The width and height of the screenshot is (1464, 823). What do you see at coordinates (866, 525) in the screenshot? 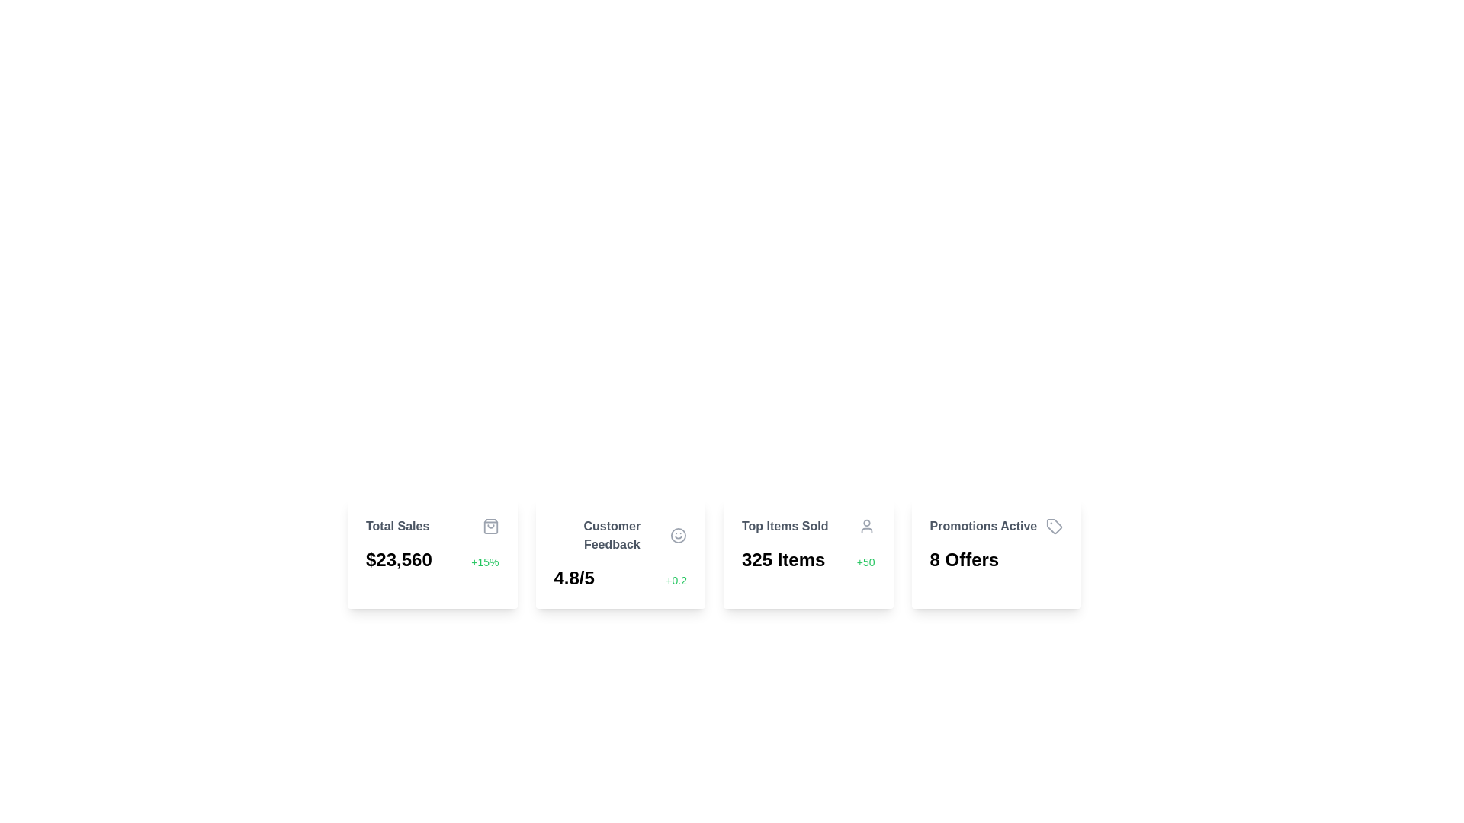
I see `the non-interactive icon located in the top-right corner of the 'Top Items Sold' section, which signifies user-related information` at bounding box center [866, 525].